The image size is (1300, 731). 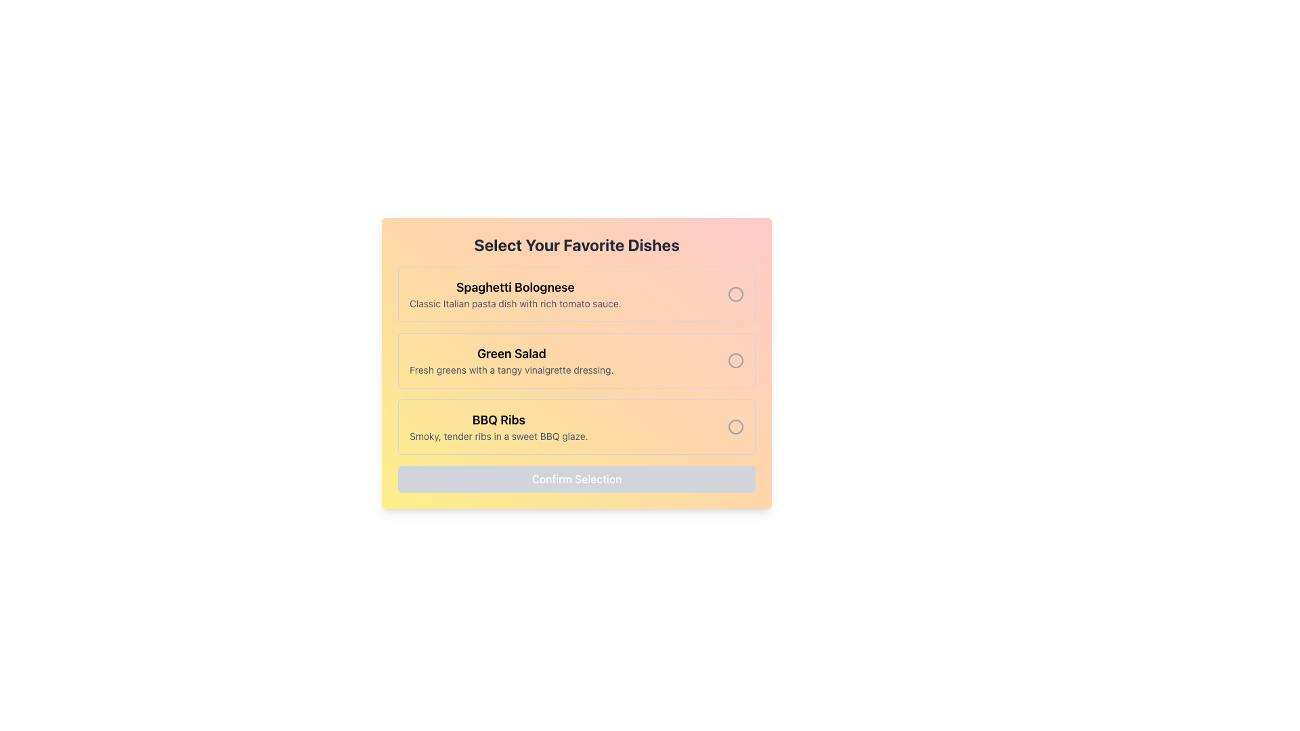 What do you see at coordinates (576, 427) in the screenshot?
I see `the radio button in the selectable card for the 'BBQ Ribs' dish` at bounding box center [576, 427].